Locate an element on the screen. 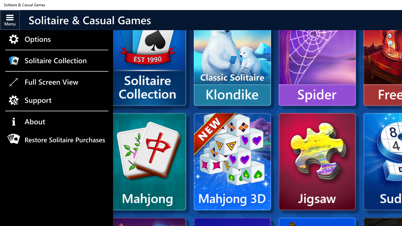 Image resolution: width=402 pixels, height=226 pixels. 'Menu' is located at coordinates (10, 19).